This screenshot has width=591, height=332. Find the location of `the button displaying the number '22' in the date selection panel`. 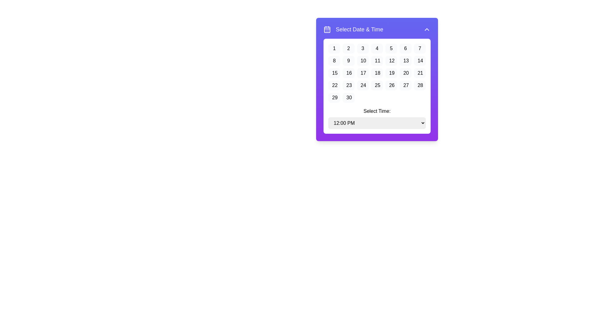

the button displaying the number '22' in the date selection panel is located at coordinates (334, 85).